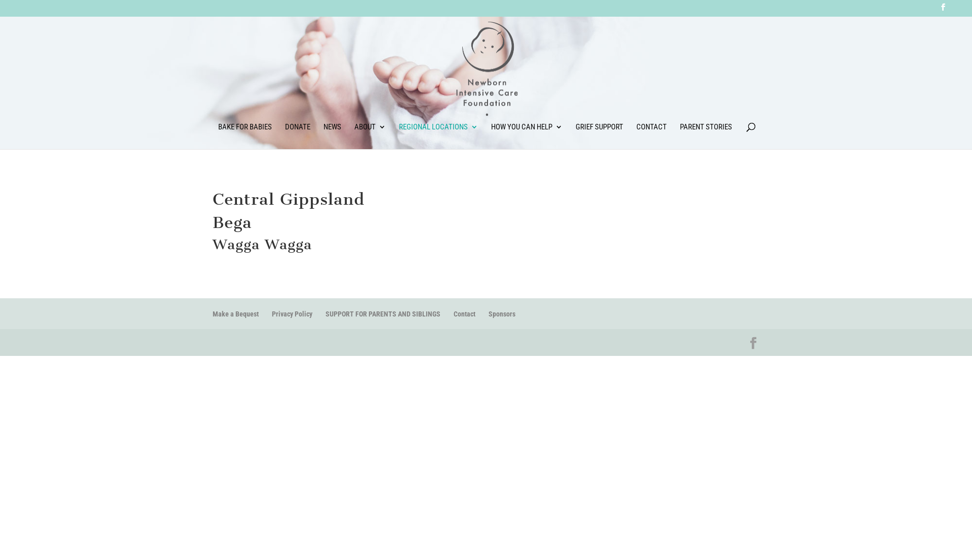  What do you see at coordinates (705, 135) in the screenshot?
I see `'PARENT STORIES'` at bounding box center [705, 135].